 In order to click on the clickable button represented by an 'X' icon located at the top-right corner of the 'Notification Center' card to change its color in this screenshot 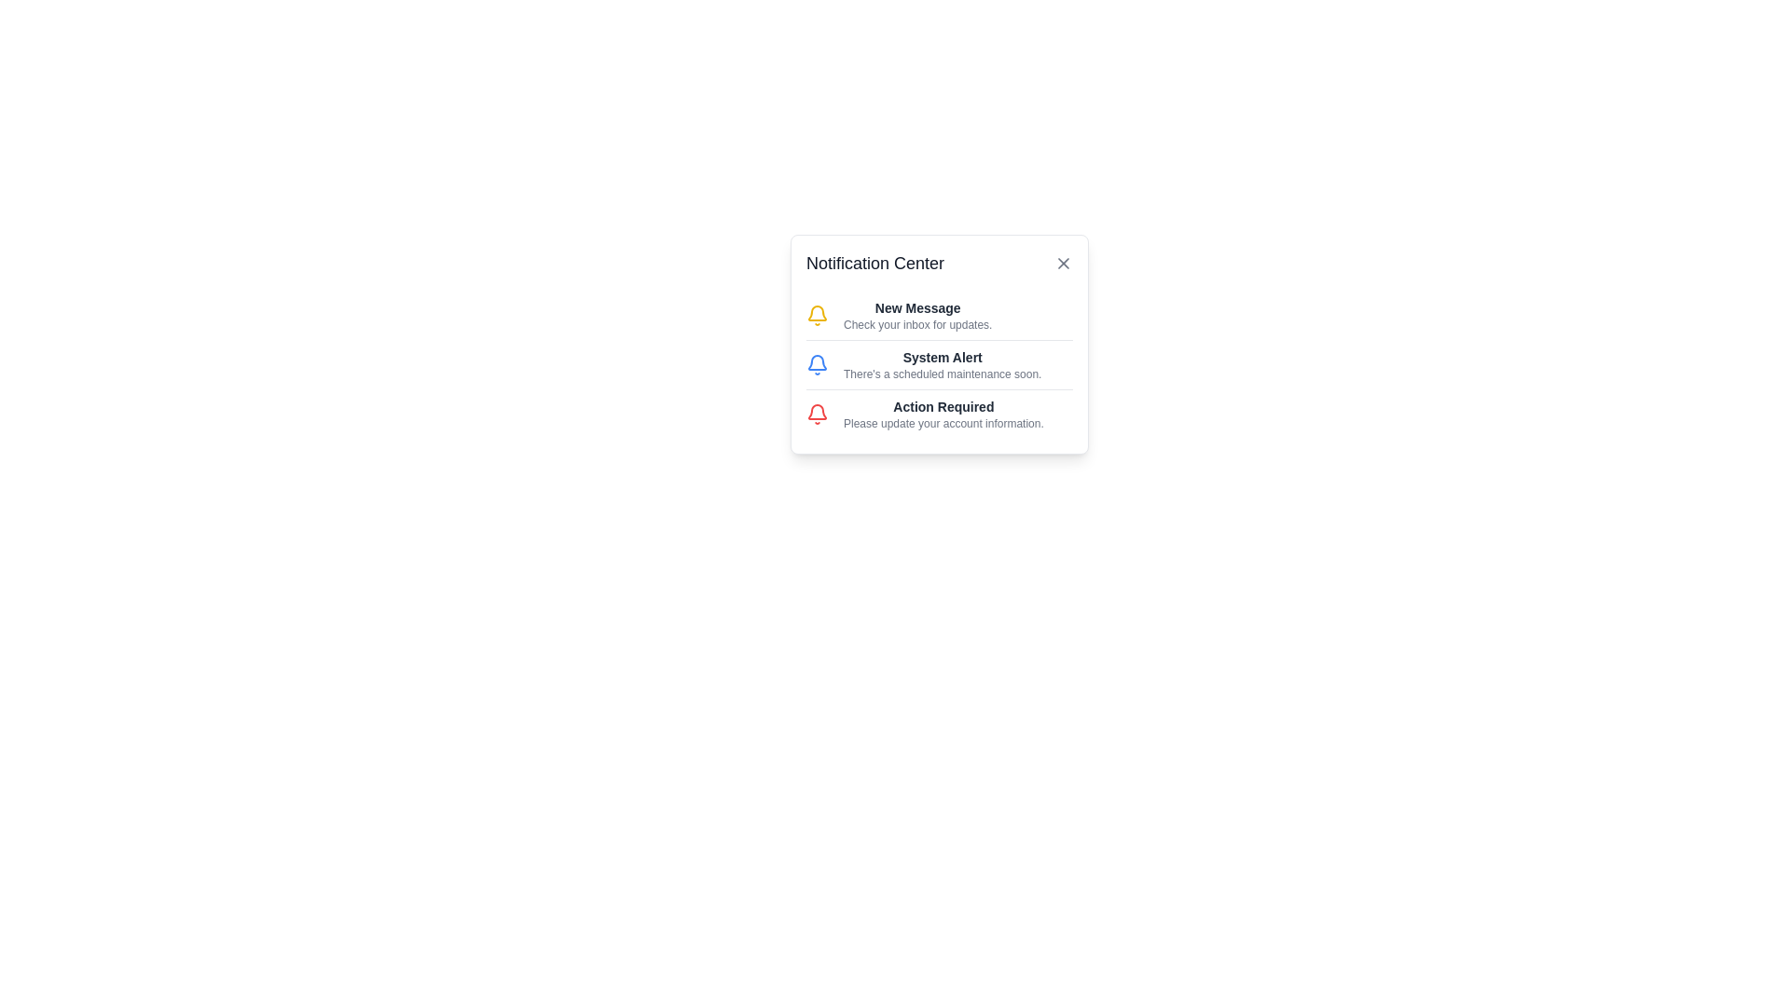, I will do `click(1064, 263)`.